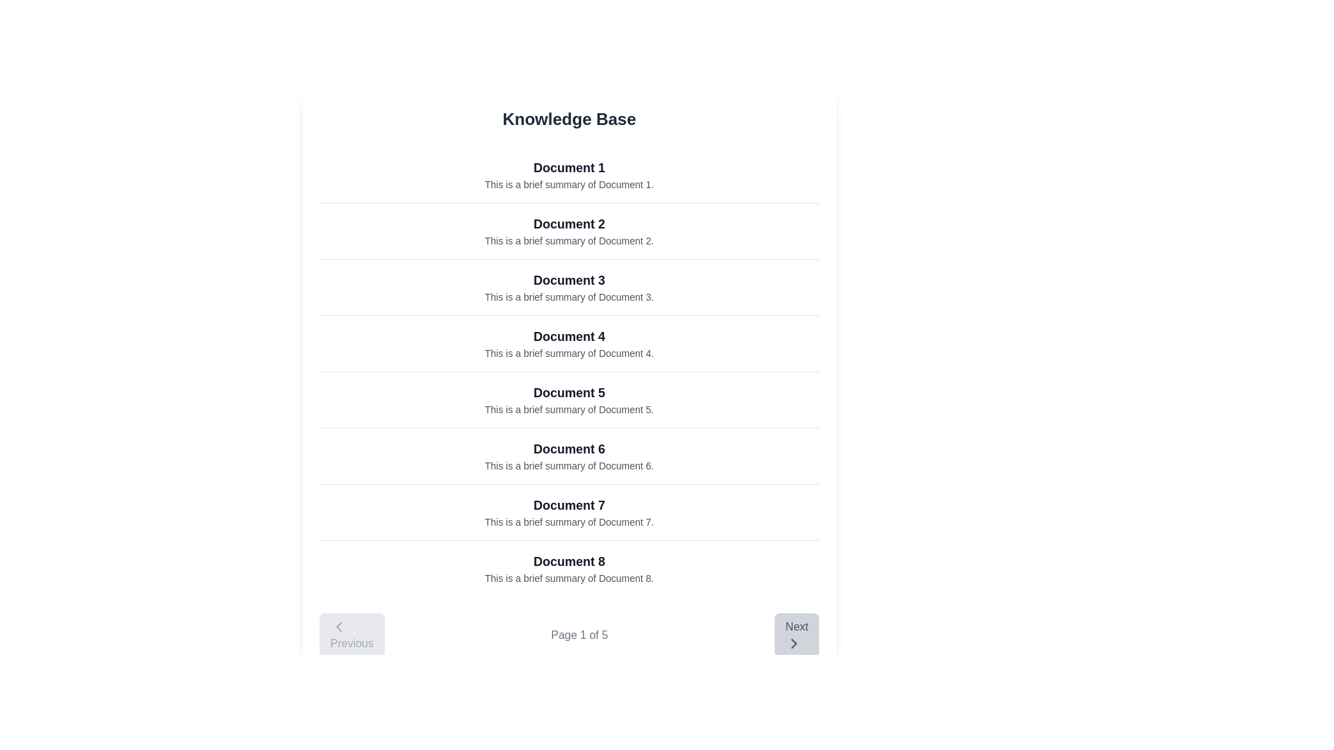  What do you see at coordinates (569, 343) in the screenshot?
I see `the text display component representing the fourth document in the list, which provides a title and summary, to interact with nearby interactive elements if present` at bounding box center [569, 343].